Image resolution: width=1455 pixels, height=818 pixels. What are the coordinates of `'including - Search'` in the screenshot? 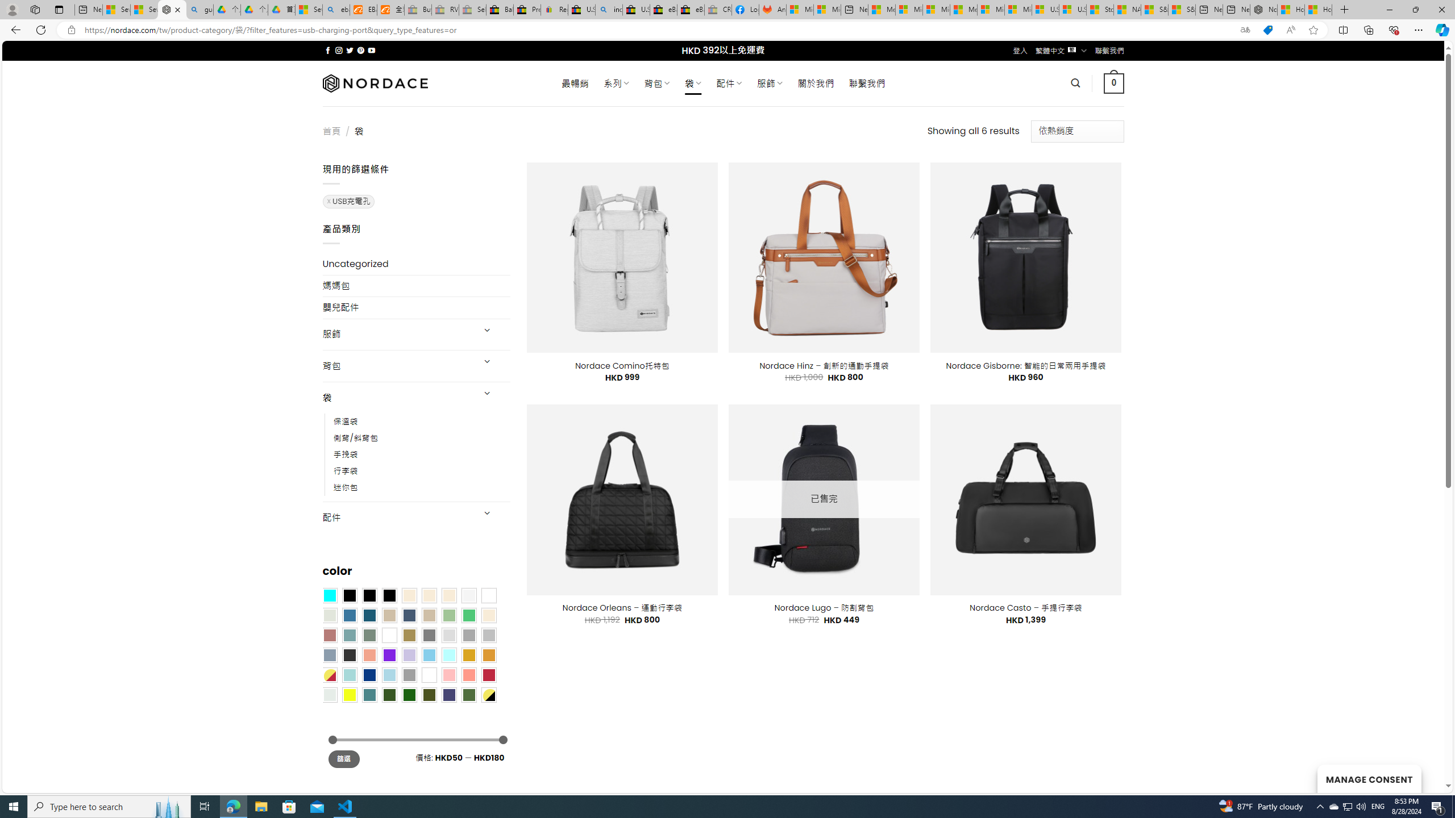 It's located at (609, 9).